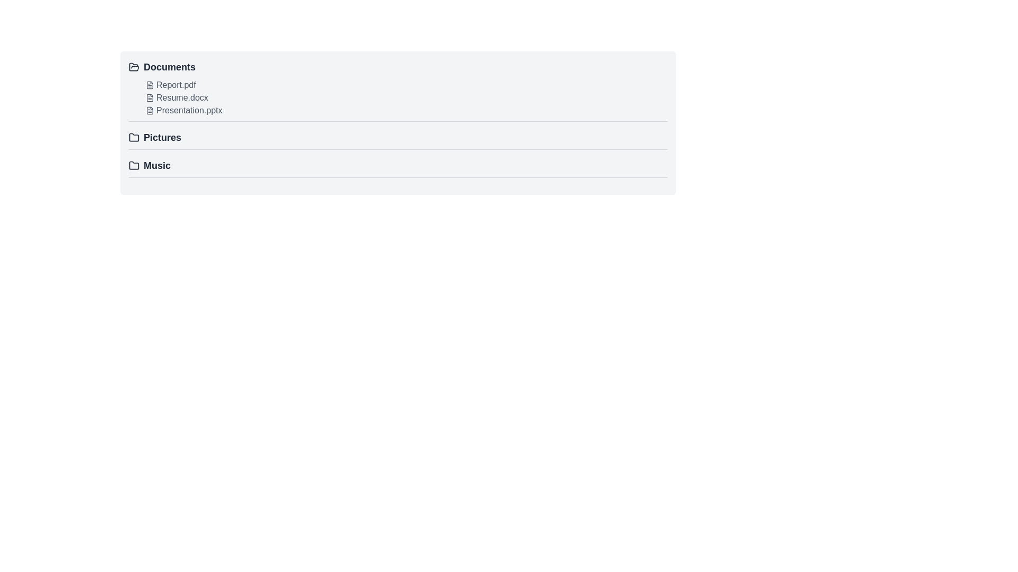 The height and width of the screenshot is (572, 1018). What do you see at coordinates (134, 165) in the screenshot?
I see `the folder icon that indicates access to the 'Music' directory` at bounding box center [134, 165].